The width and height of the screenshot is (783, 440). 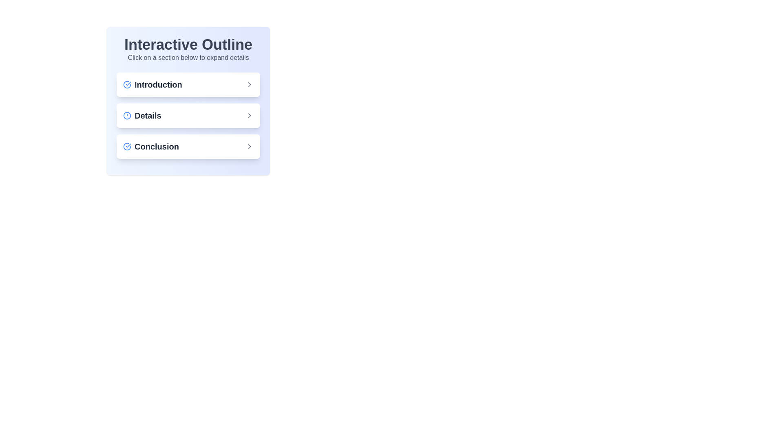 What do you see at coordinates (127, 146) in the screenshot?
I see `the icon that visually denotes a completed or checked state for the 'Conclusion' section, located to the left of the 'Conclusion' text` at bounding box center [127, 146].